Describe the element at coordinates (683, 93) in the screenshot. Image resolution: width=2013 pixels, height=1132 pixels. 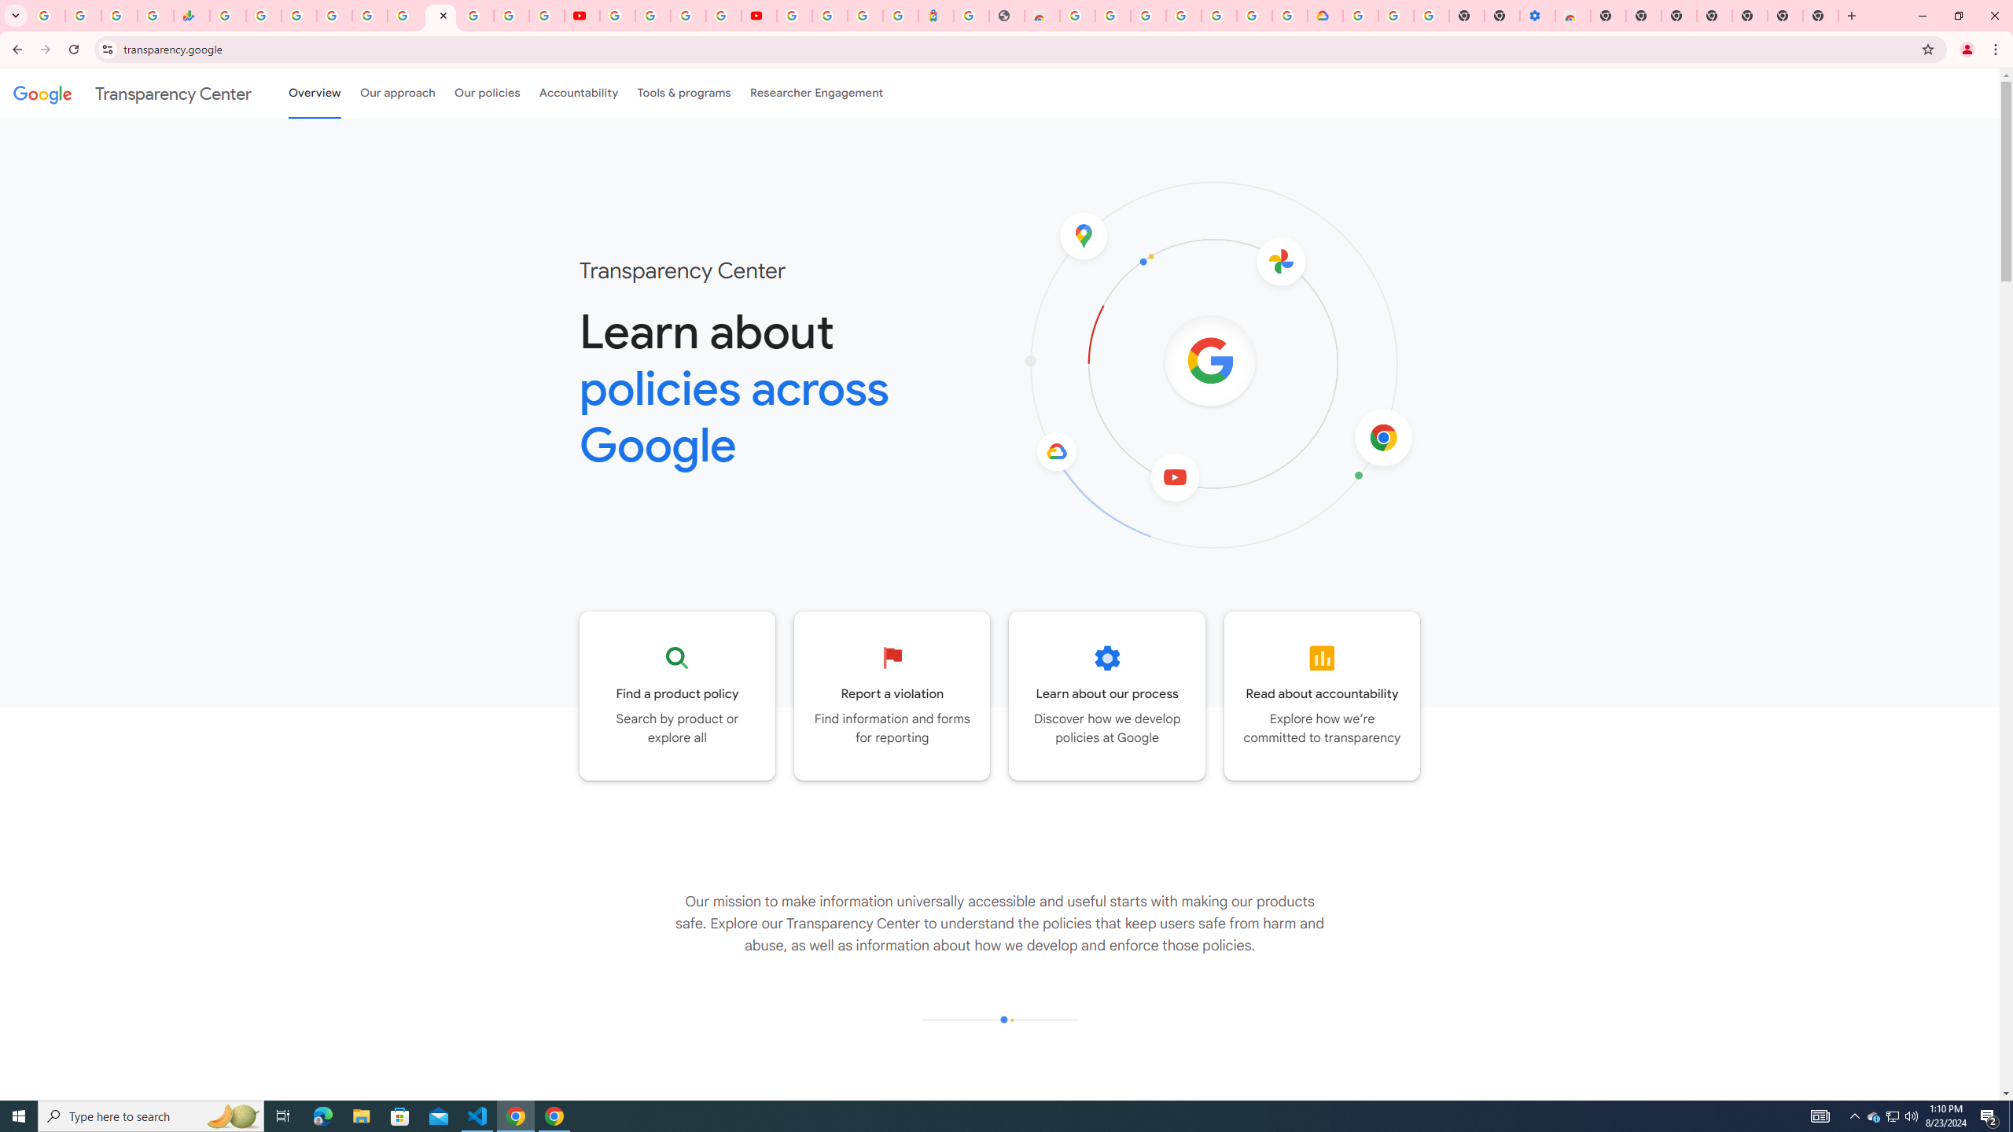
I see `'Tools & programs'` at that location.